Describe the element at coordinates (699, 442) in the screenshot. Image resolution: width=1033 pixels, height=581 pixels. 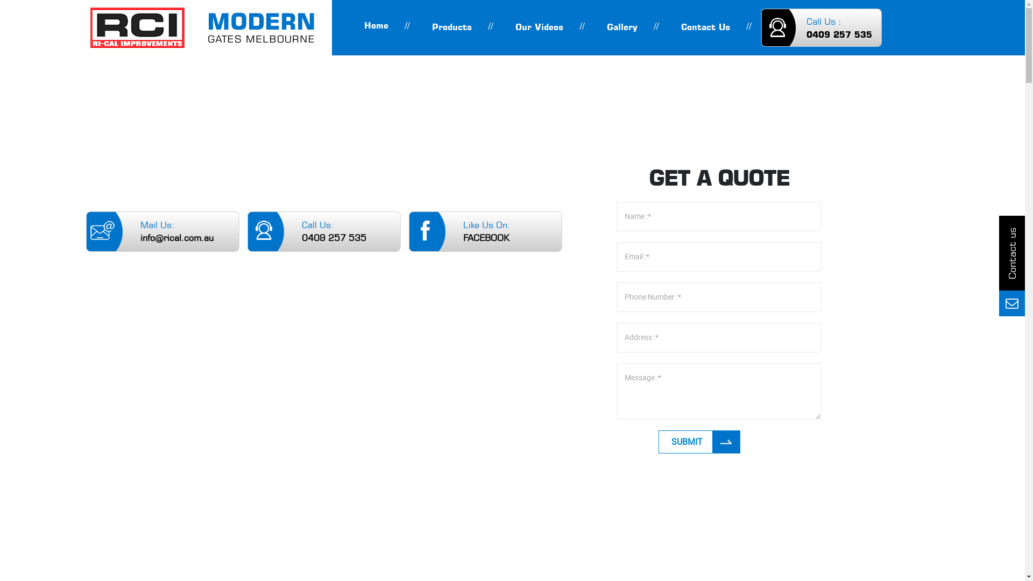
I see `'SUBMIT'` at that location.